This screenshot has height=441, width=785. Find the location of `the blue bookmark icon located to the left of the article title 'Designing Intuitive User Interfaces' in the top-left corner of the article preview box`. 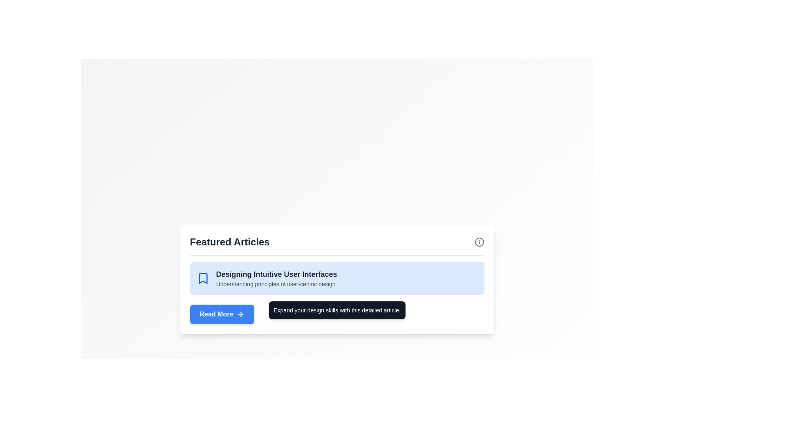

the blue bookmark icon located to the left of the article title 'Designing Intuitive User Interfaces' in the top-left corner of the article preview box is located at coordinates (203, 278).